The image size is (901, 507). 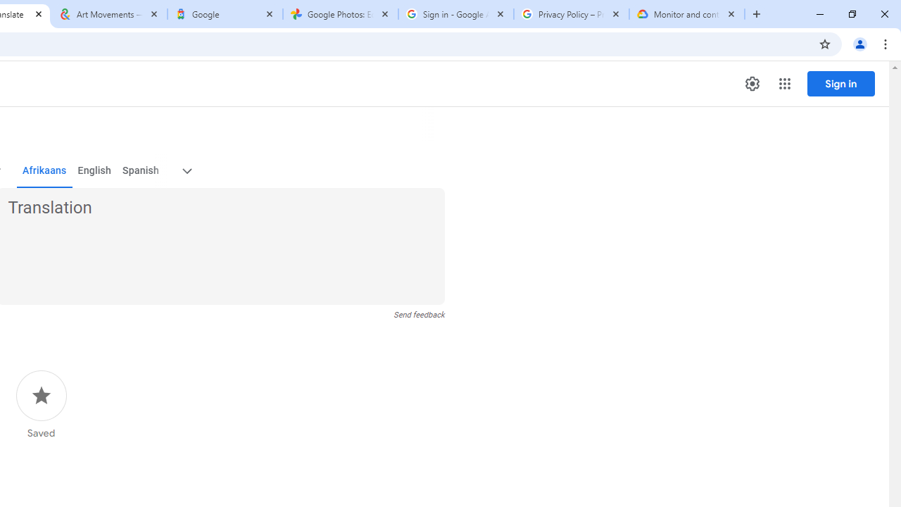 I want to click on 'Saved', so click(x=41, y=405).